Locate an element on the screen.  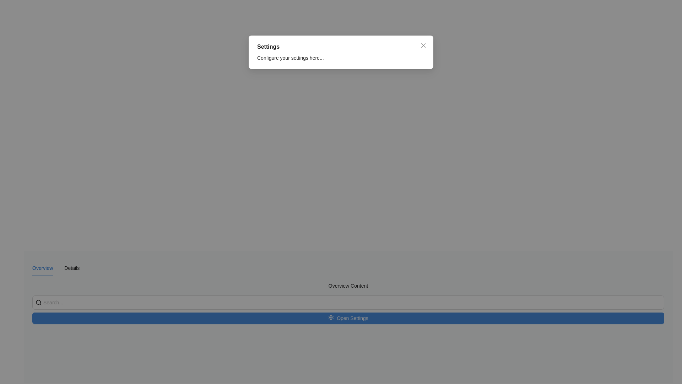
the 'Overview' tab, which is styled with blue text and is the active tab in the tab bar is located at coordinates (42, 268).